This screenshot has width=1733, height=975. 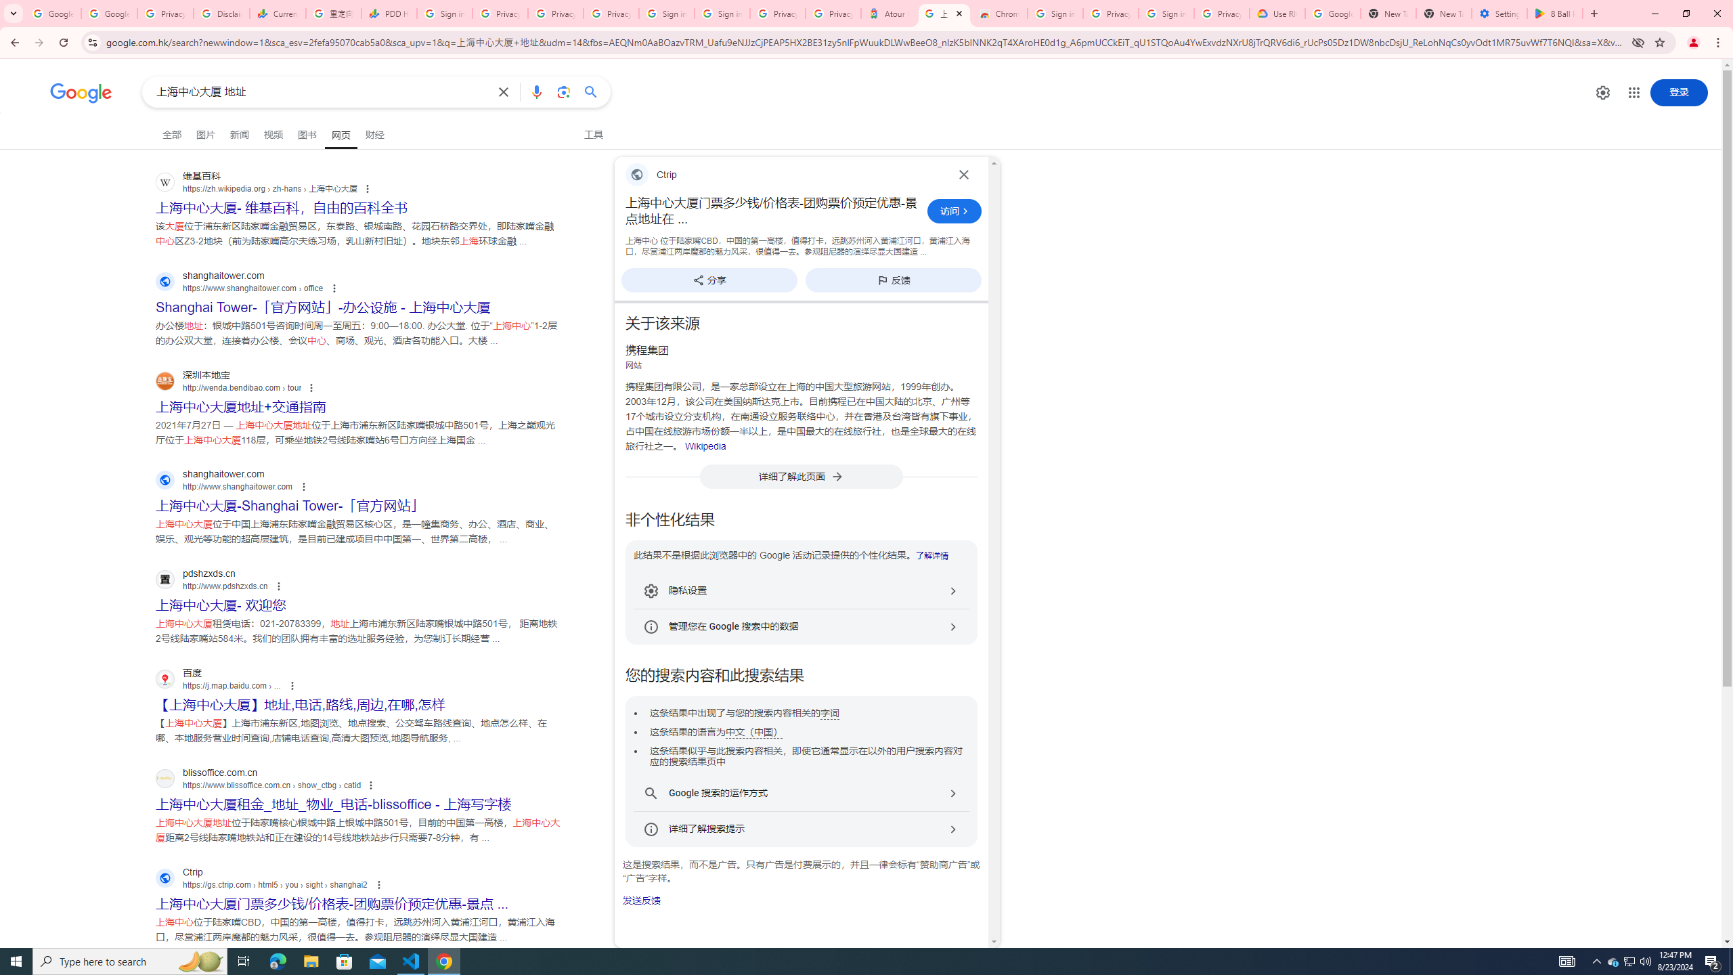 What do you see at coordinates (389, 13) in the screenshot?
I see `'PDD Holdings Inc - ADR (PDD) Price & News - Google Finance'` at bounding box center [389, 13].